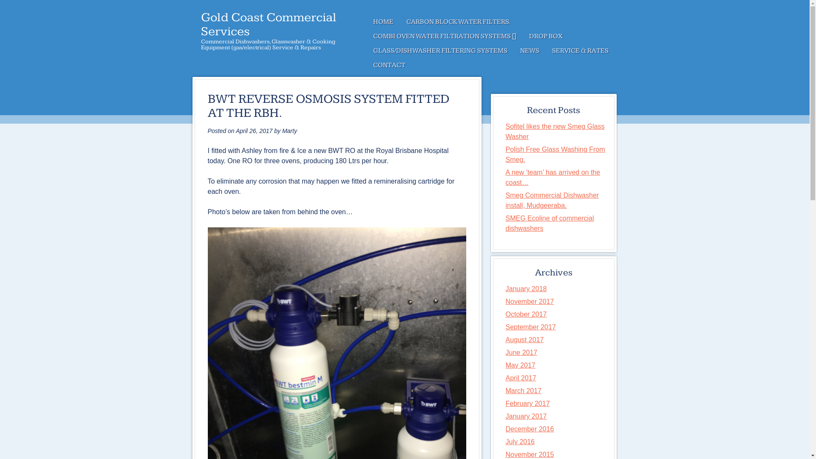 The height and width of the screenshot is (459, 816). I want to click on 'December 2016', so click(530, 429).